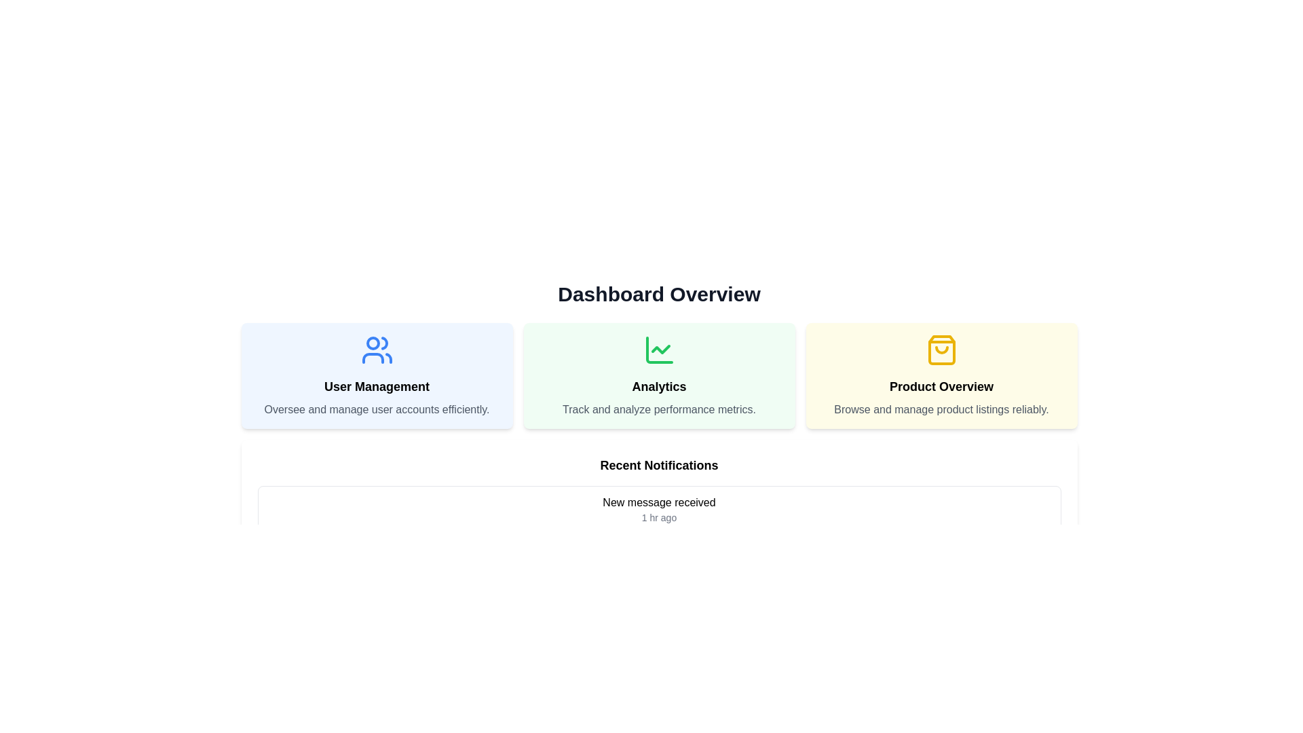 The image size is (1303, 733). What do you see at coordinates (377, 387) in the screenshot?
I see `the 'User Management' text label, which is displayed in bold font and positioned below the user icon in the leftmost column of the Dashboard Overview section` at bounding box center [377, 387].